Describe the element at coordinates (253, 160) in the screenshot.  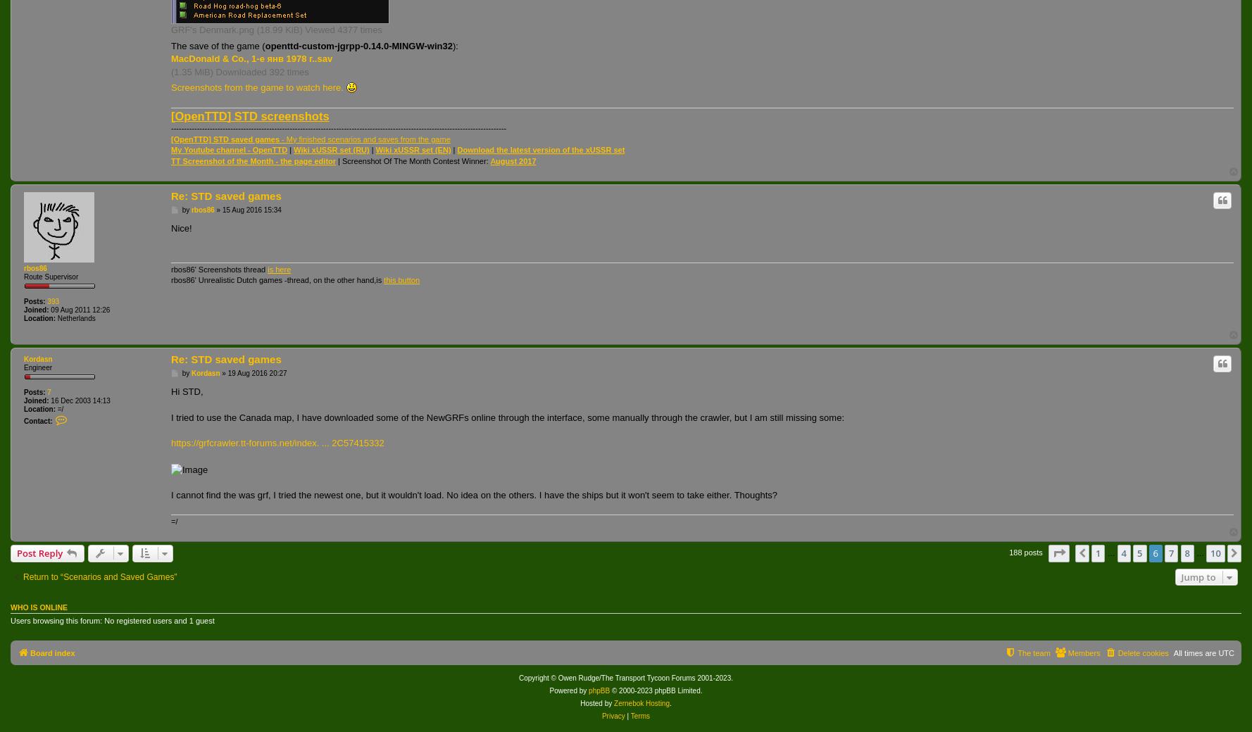
I see `'TT Screenshot of the Month - the page editor'` at that location.